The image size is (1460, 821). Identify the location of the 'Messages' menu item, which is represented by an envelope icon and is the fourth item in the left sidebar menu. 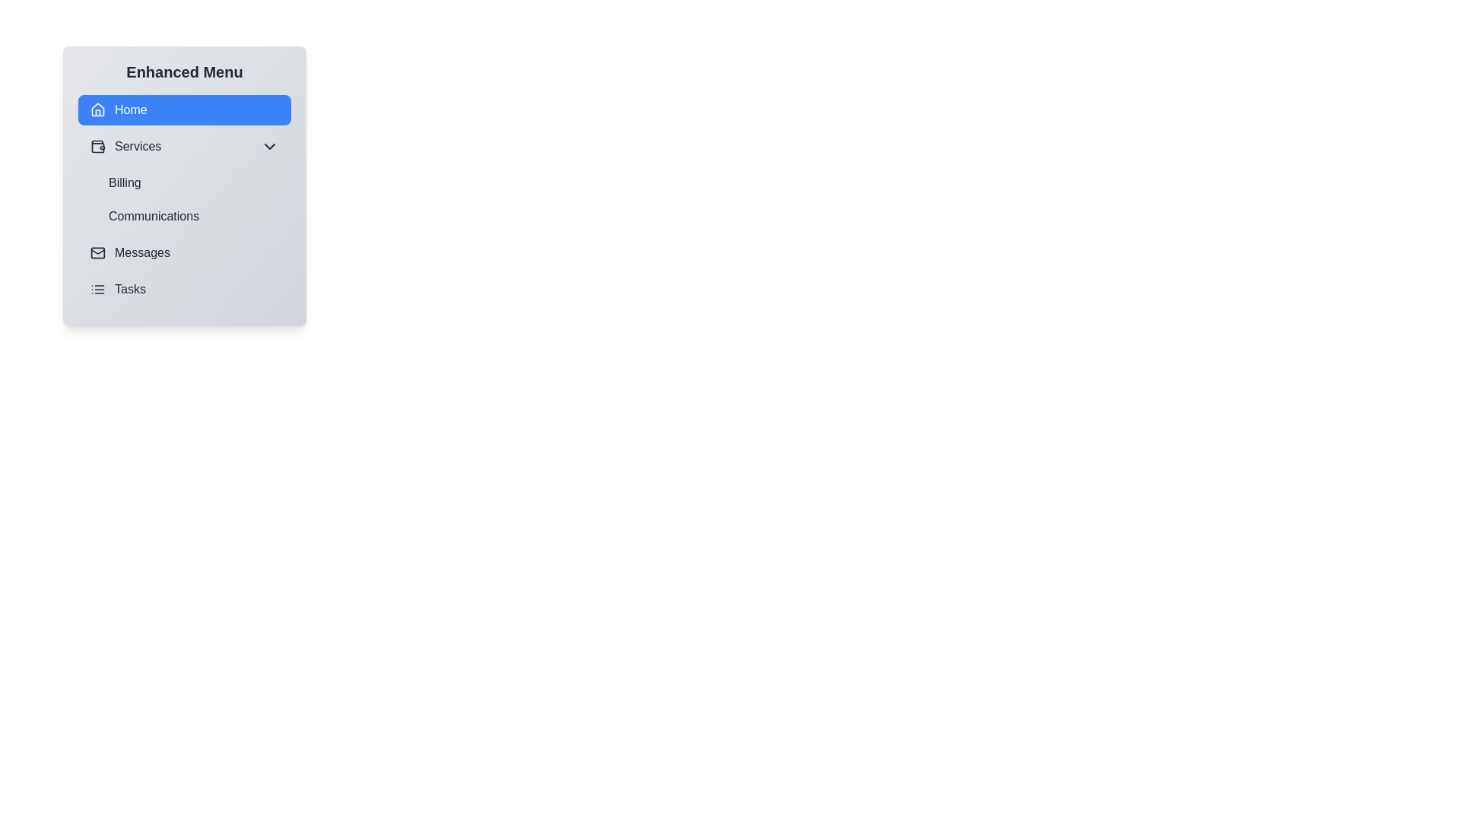
(130, 252).